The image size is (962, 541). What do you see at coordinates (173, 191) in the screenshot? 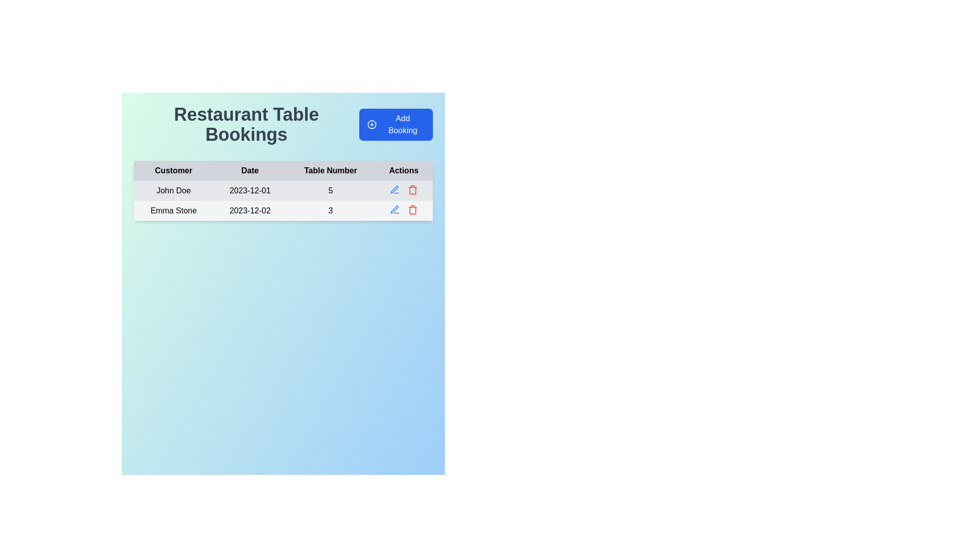
I see `the text label displaying the customer's name in the first cell of the 'Customer' column in the table` at bounding box center [173, 191].